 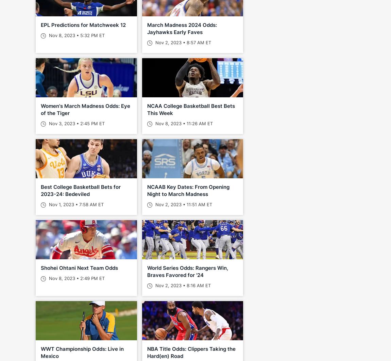 What do you see at coordinates (76, 123) in the screenshot?
I see `'Nov 3, 2023 • 2:45 PM ET'` at bounding box center [76, 123].